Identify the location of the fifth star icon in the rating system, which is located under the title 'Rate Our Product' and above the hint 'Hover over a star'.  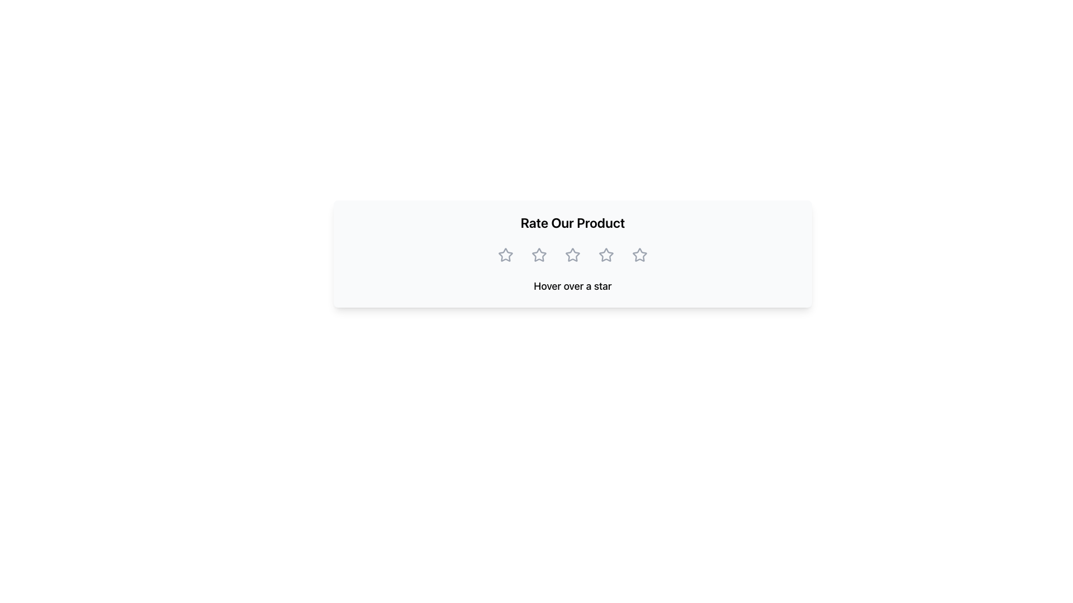
(640, 255).